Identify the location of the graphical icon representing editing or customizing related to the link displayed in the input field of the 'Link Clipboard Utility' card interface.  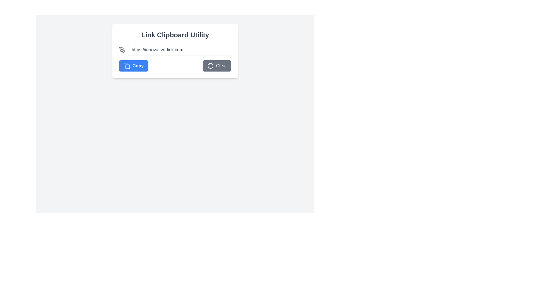
(121, 49).